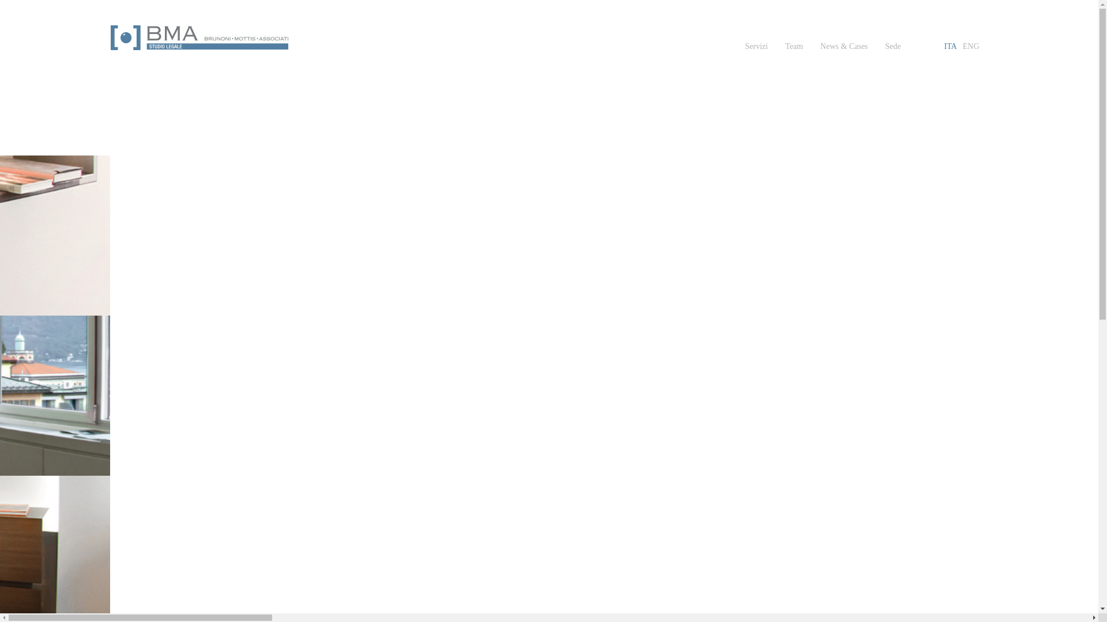 The width and height of the screenshot is (1107, 622). I want to click on 'ITA', so click(951, 46).